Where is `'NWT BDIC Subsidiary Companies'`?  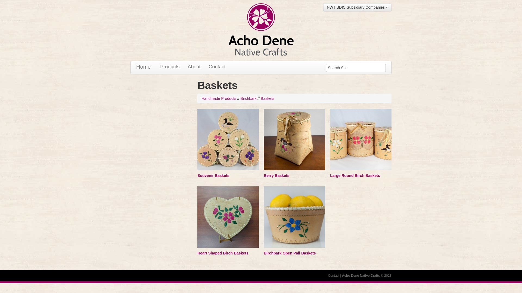 'NWT BDIC Subsidiary Companies' is located at coordinates (357, 7).